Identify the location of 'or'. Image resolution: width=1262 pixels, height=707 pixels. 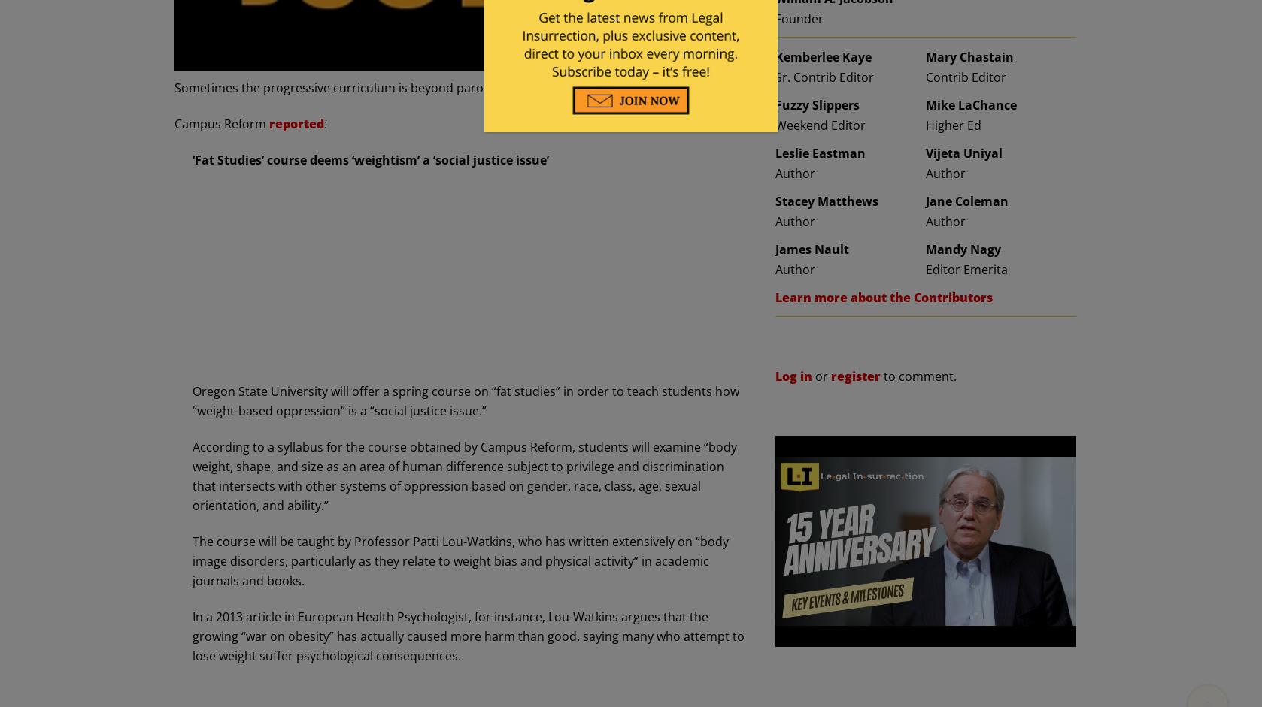
(821, 375).